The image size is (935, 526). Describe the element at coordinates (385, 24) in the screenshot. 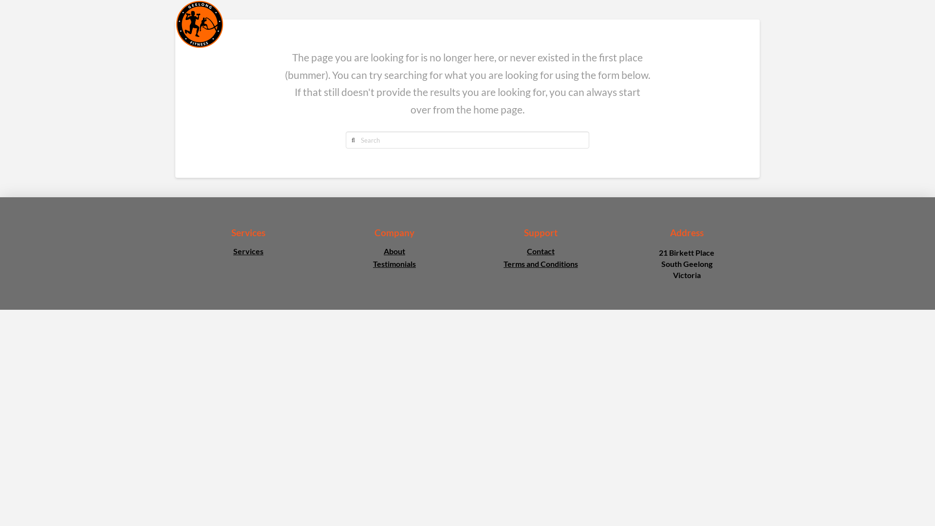

I see `'HOME'` at that location.